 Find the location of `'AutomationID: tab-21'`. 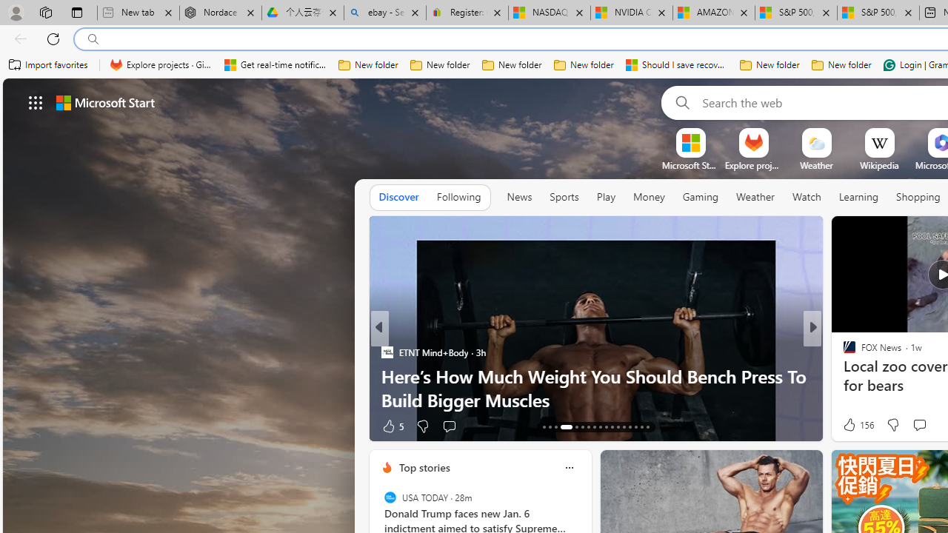

'AutomationID: tab-21' is located at coordinates (600, 427).